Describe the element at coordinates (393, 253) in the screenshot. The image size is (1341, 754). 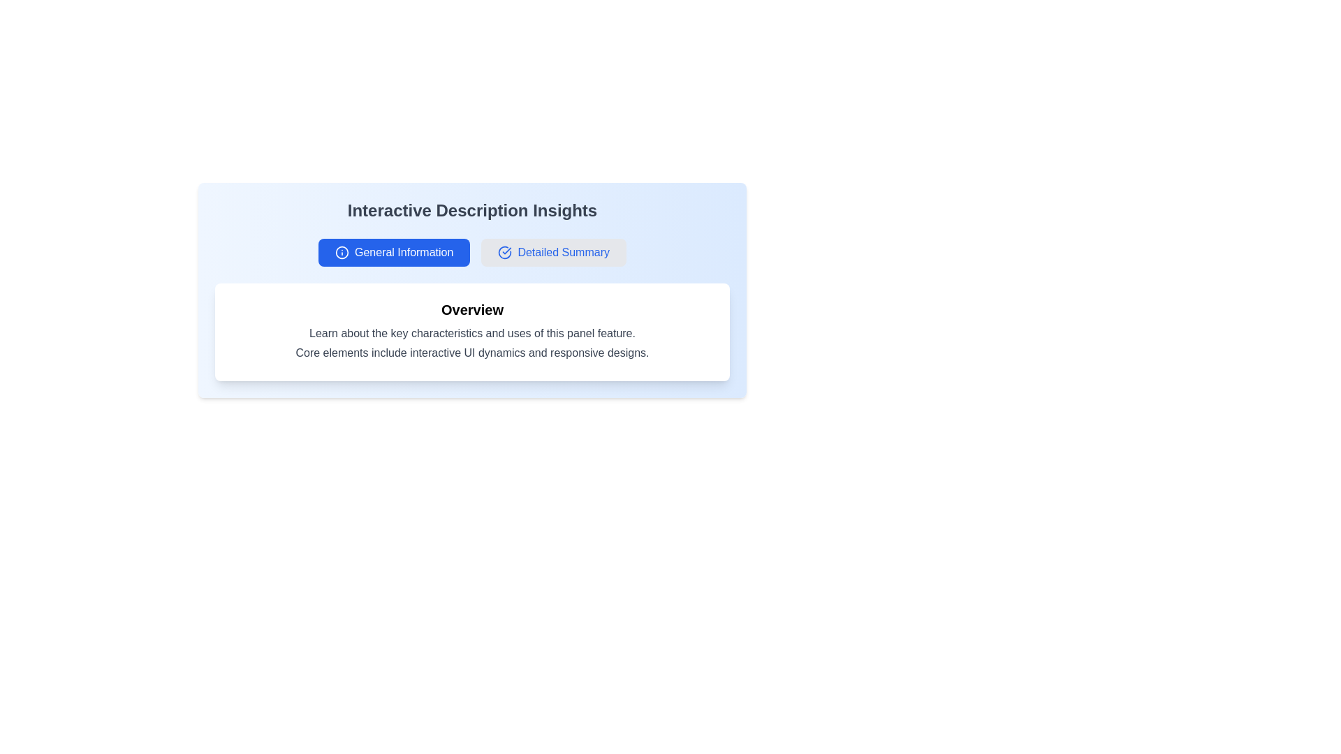
I see `the first button in the horizontally aligned group` at that location.